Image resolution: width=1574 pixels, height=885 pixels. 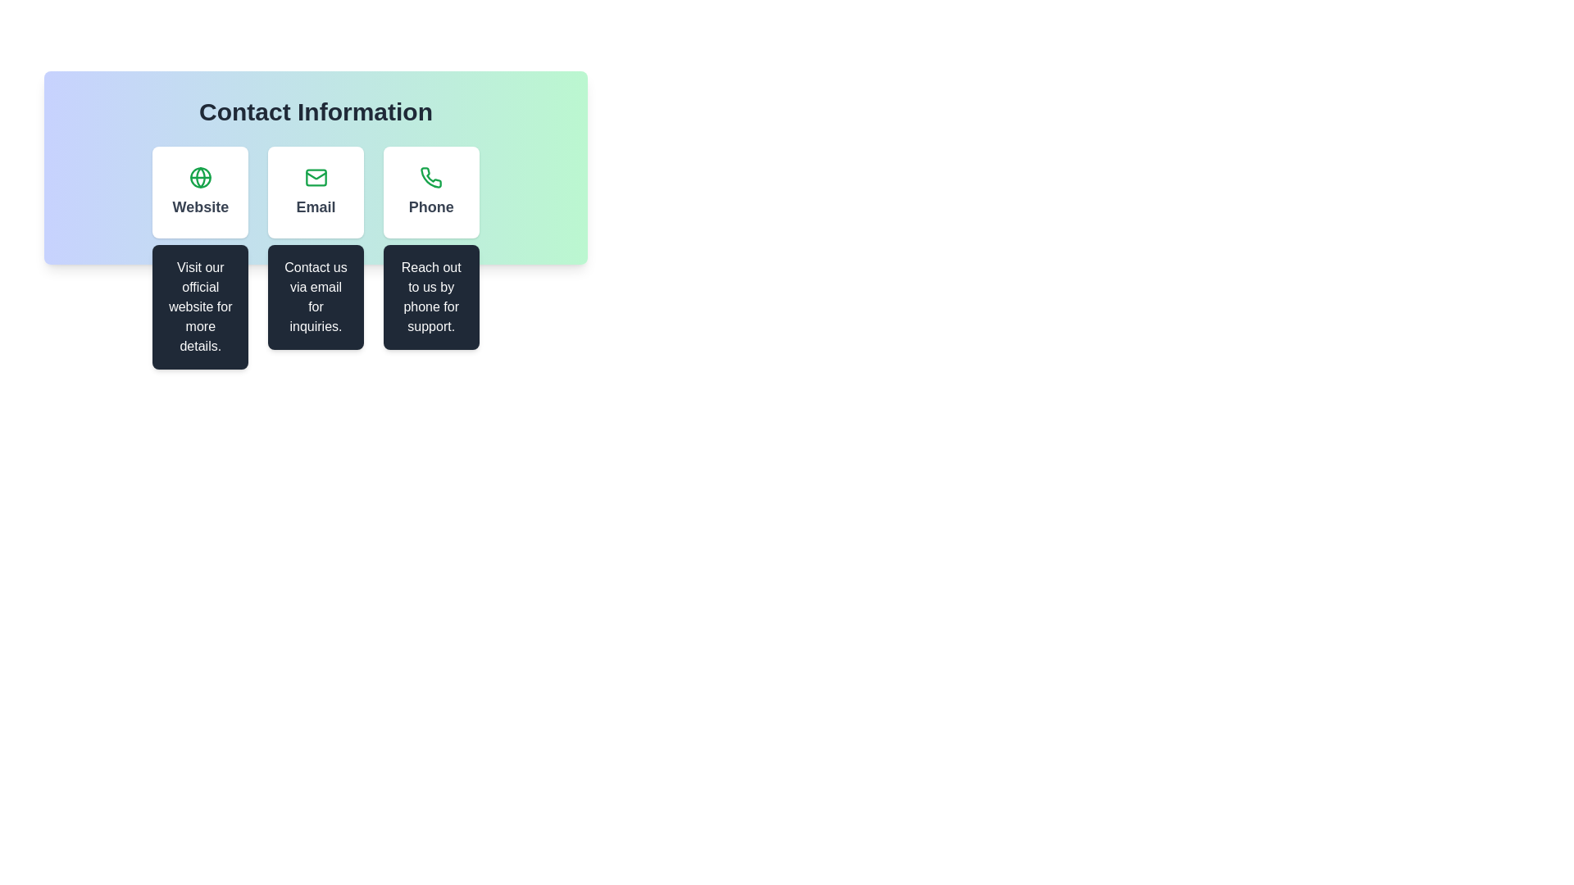 I want to click on the text label that indicates email communication, which is positioned beneath an envelope icon and above the contact text in the center card of a three-card layout, so click(x=316, y=206).